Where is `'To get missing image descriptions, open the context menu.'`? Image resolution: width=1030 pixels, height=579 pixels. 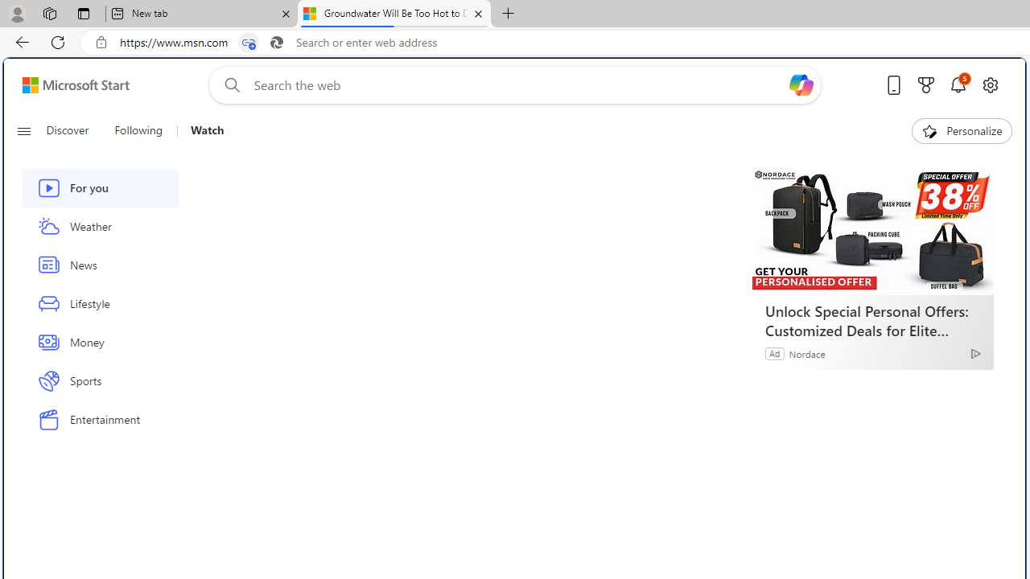
'To get missing image descriptions, open the context menu.' is located at coordinates (929, 129).